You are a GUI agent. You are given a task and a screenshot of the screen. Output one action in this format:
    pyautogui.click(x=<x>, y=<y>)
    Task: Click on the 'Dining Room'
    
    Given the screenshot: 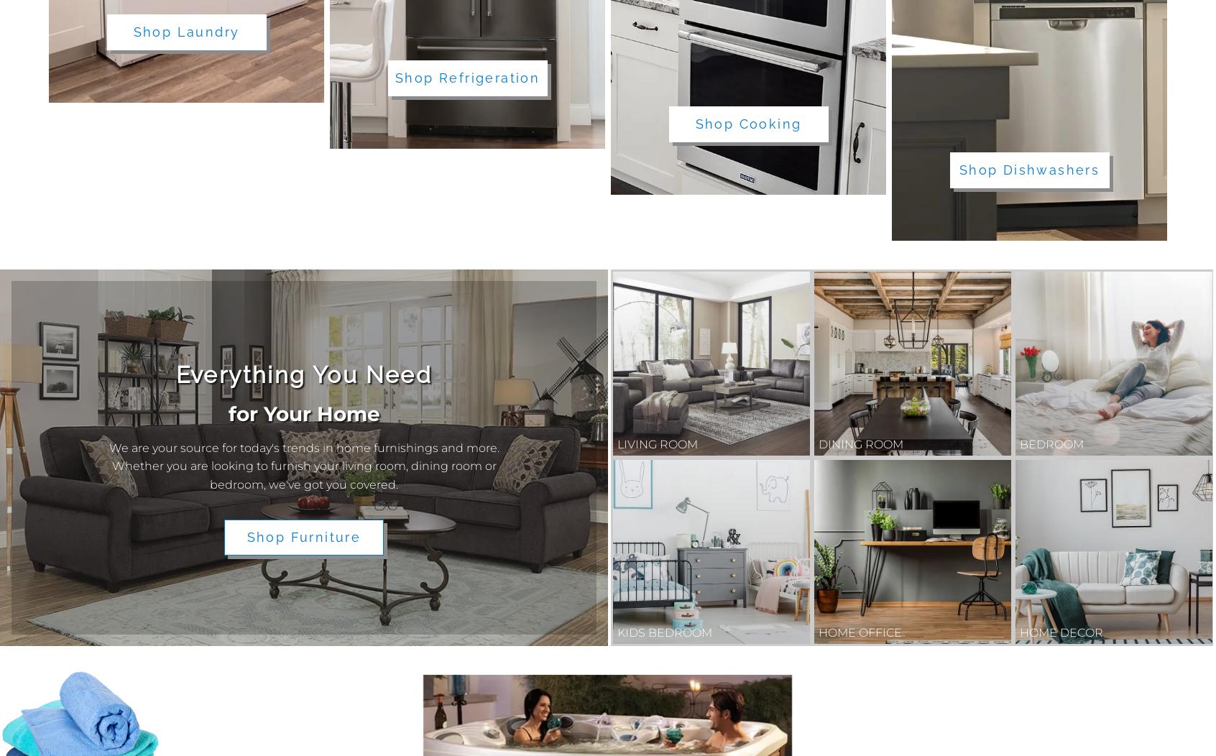 What is the action you would take?
    pyautogui.click(x=860, y=443)
    